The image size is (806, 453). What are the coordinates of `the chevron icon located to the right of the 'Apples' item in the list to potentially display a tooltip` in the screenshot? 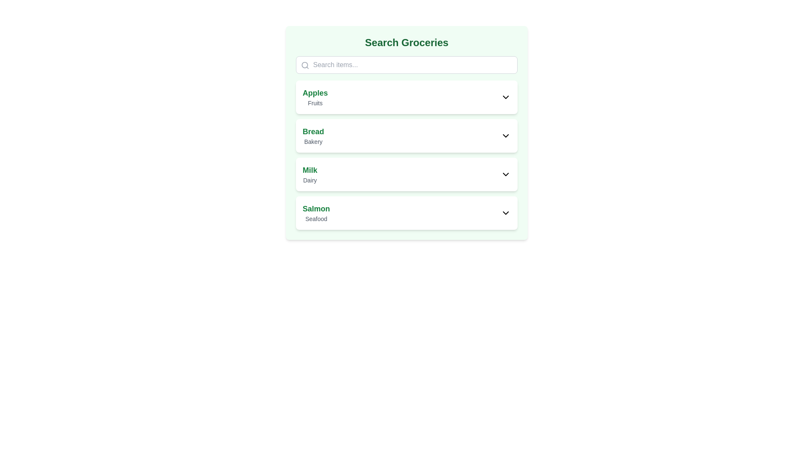 It's located at (505, 96).